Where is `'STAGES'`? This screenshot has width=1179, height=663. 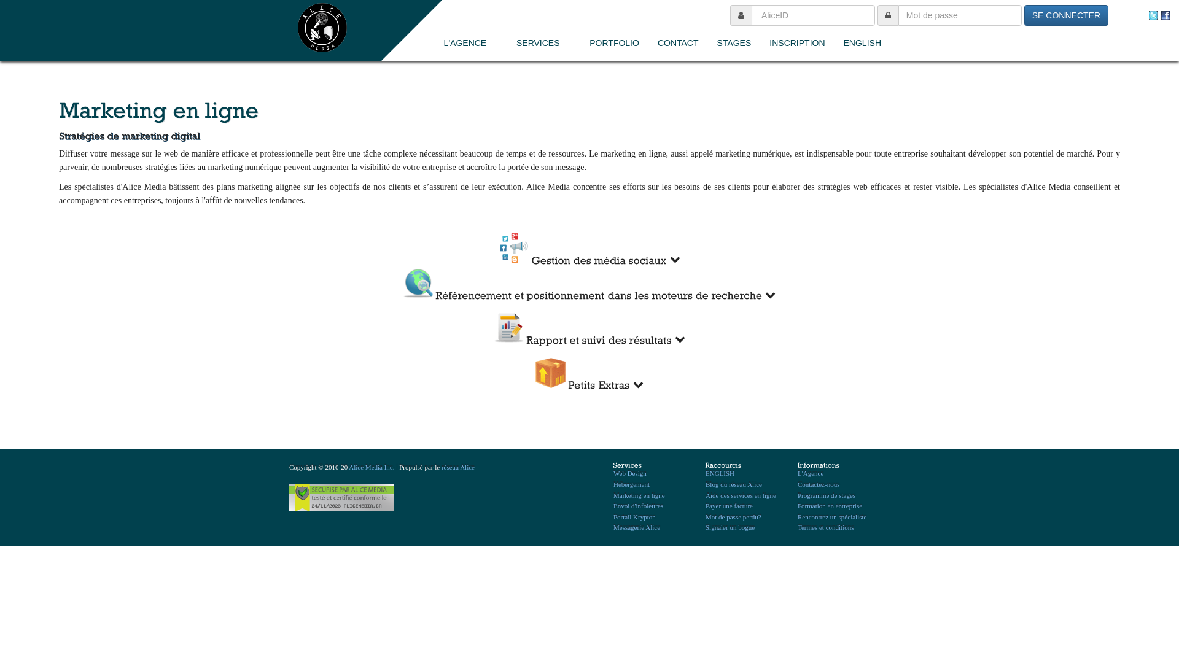
'STAGES' is located at coordinates (734, 42).